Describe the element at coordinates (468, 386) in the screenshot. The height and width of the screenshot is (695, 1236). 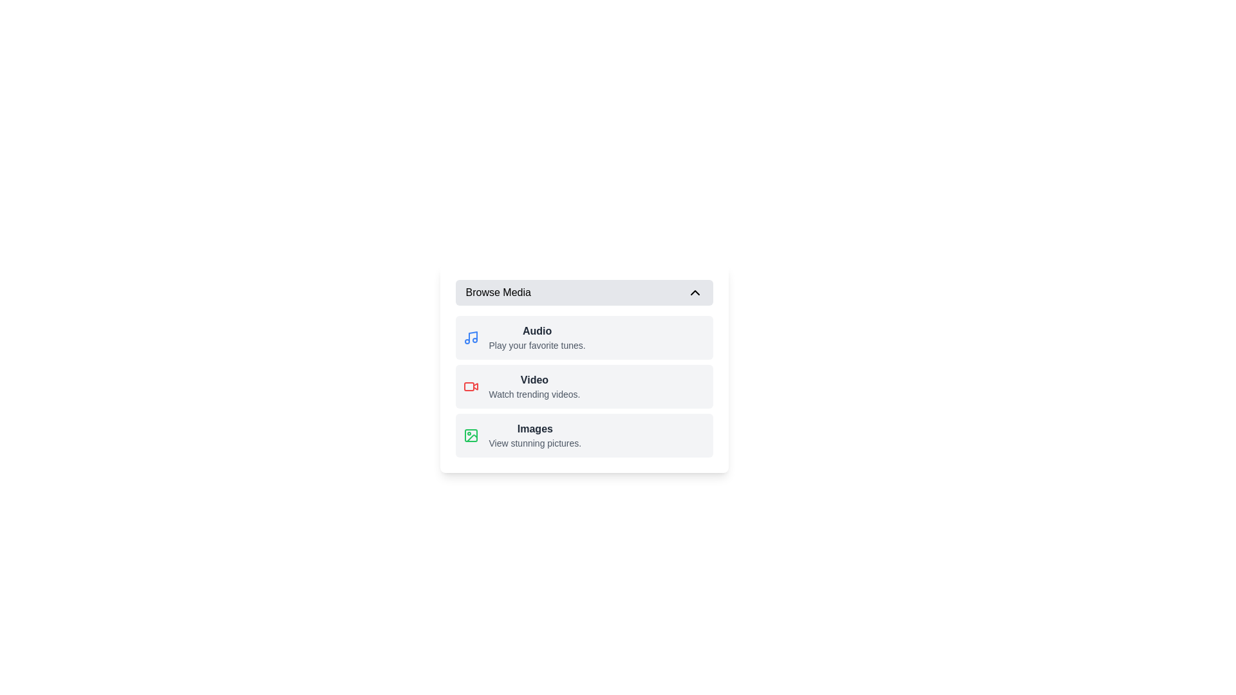
I see `the decorative graphic representing the 'Video' option, located to the left of the text 'Video'` at that location.